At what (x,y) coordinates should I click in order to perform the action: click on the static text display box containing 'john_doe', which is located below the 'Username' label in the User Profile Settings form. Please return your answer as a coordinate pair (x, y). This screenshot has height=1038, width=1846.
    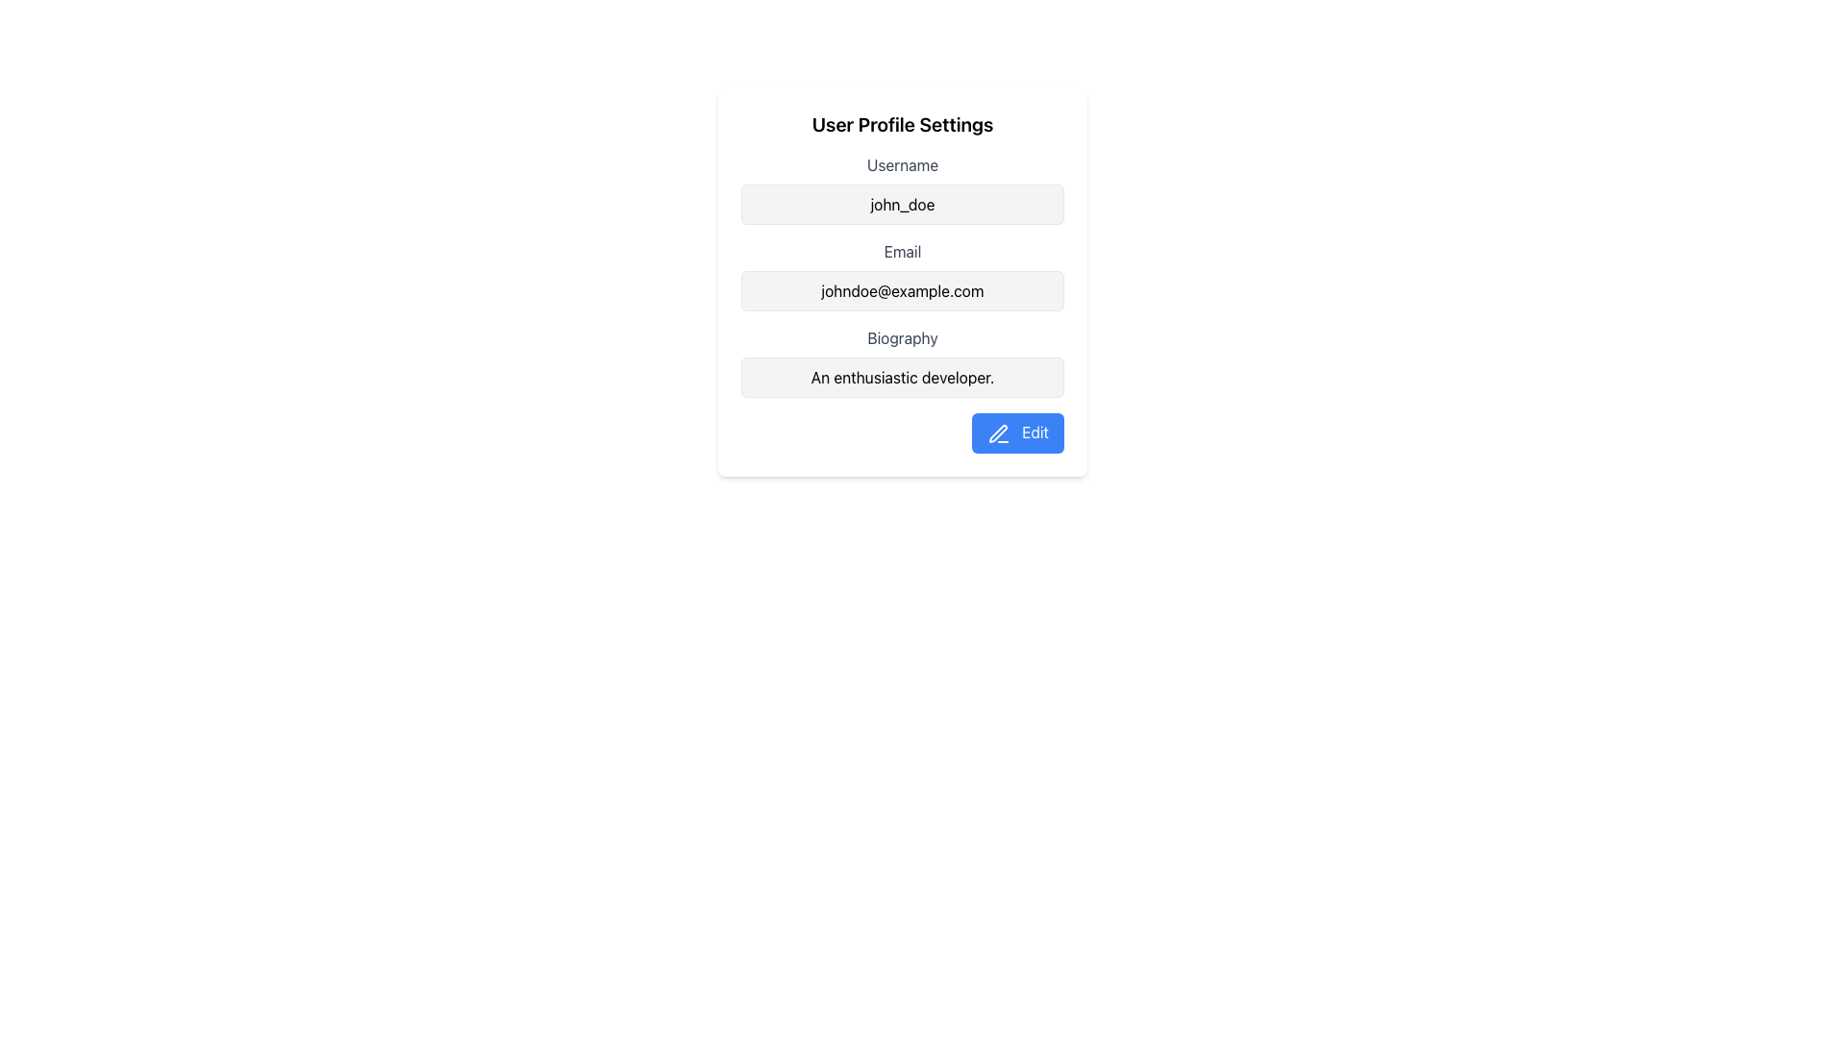
    Looking at the image, I should click on (902, 204).